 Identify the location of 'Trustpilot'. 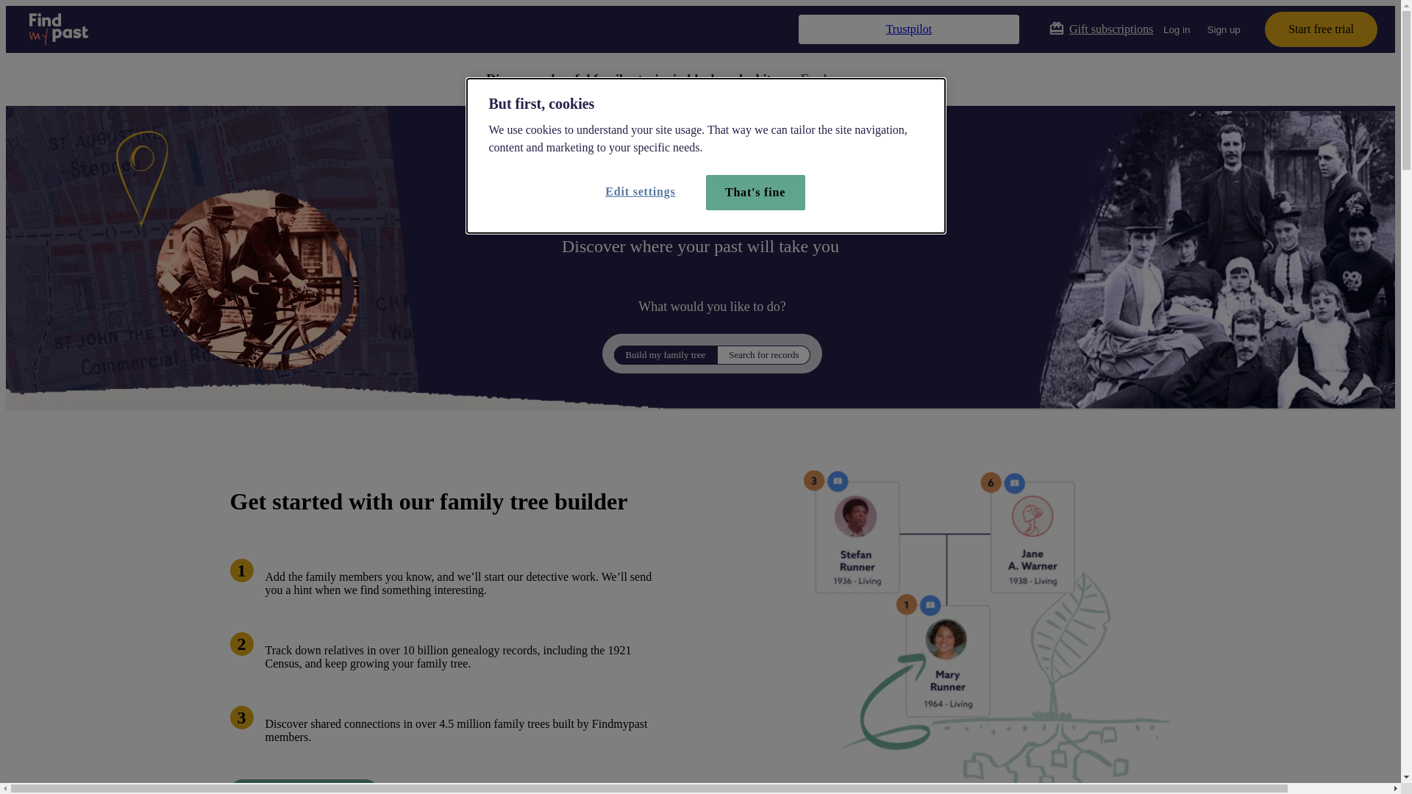
(908, 29).